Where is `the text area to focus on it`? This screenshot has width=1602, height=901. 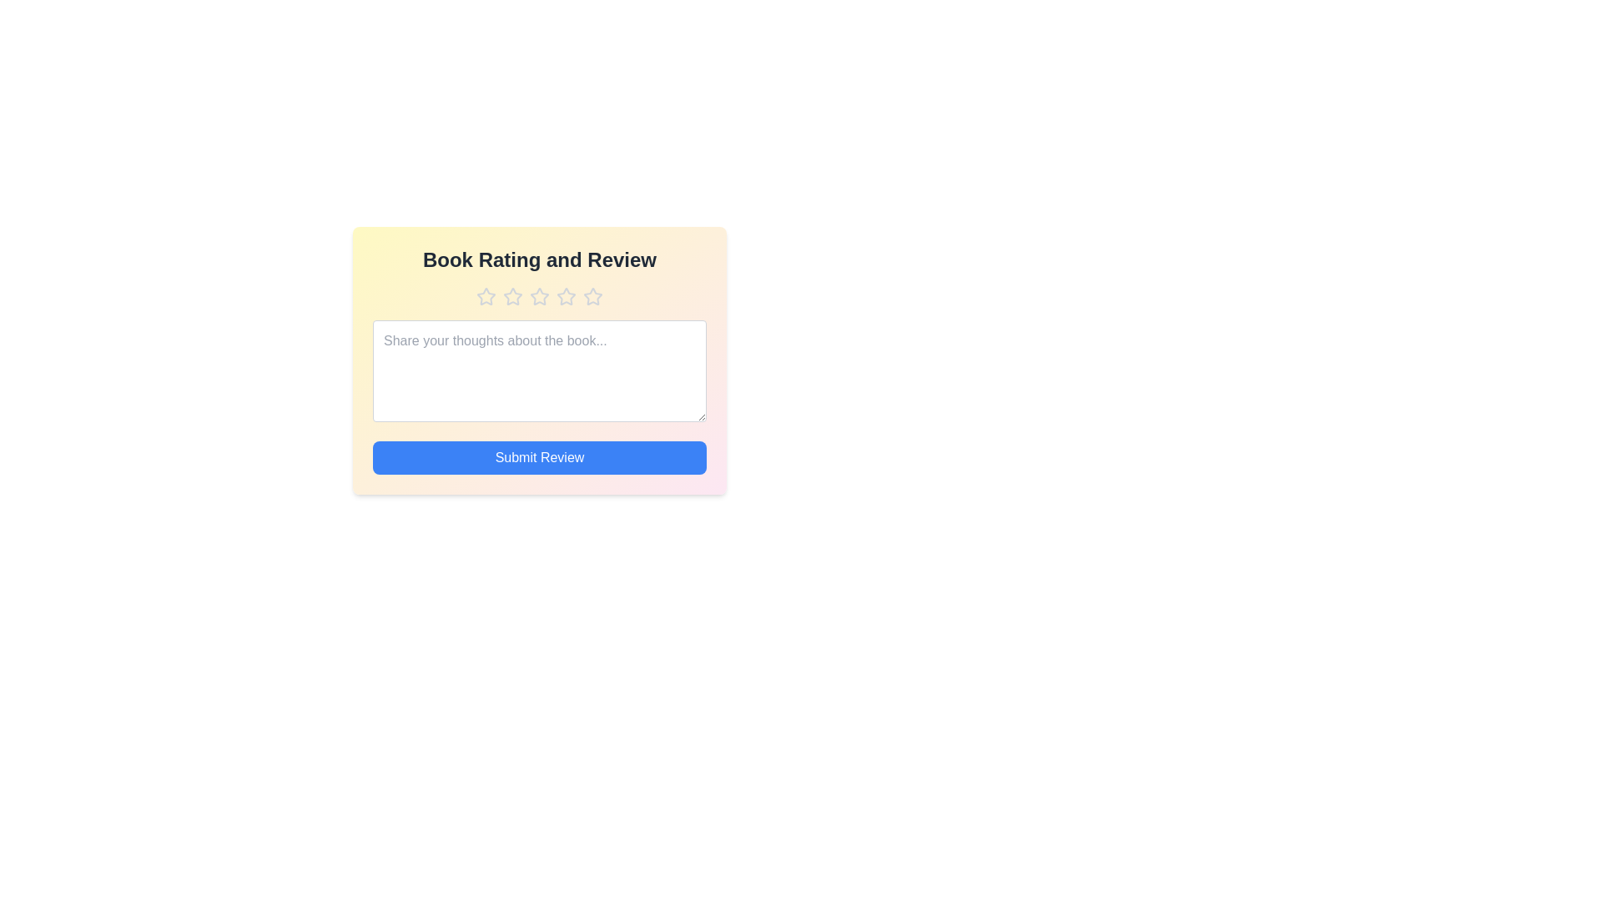 the text area to focus on it is located at coordinates (540, 370).